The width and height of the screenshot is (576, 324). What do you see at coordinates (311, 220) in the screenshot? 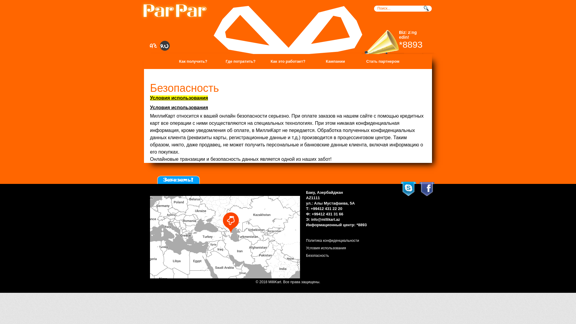
I see `'info@millikart.az'` at bounding box center [311, 220].